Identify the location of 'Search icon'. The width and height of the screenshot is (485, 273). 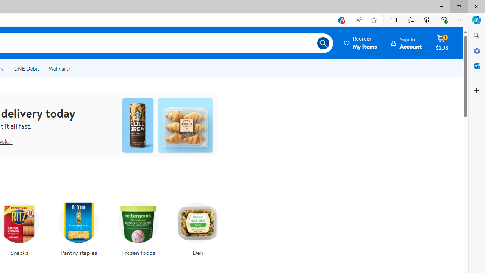
(323, 43).